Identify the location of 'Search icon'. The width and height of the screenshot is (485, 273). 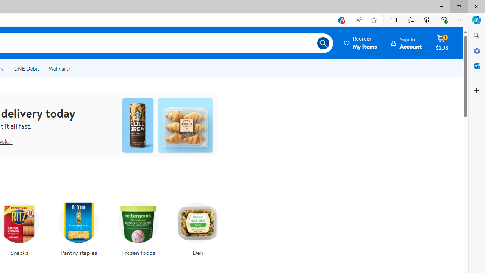
(323, 43).